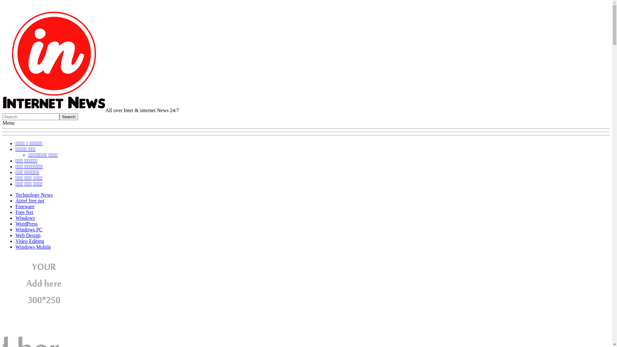  Describe the element at coordinates (15, 194) in the screenshot. I see `'Technology News'` at that location.